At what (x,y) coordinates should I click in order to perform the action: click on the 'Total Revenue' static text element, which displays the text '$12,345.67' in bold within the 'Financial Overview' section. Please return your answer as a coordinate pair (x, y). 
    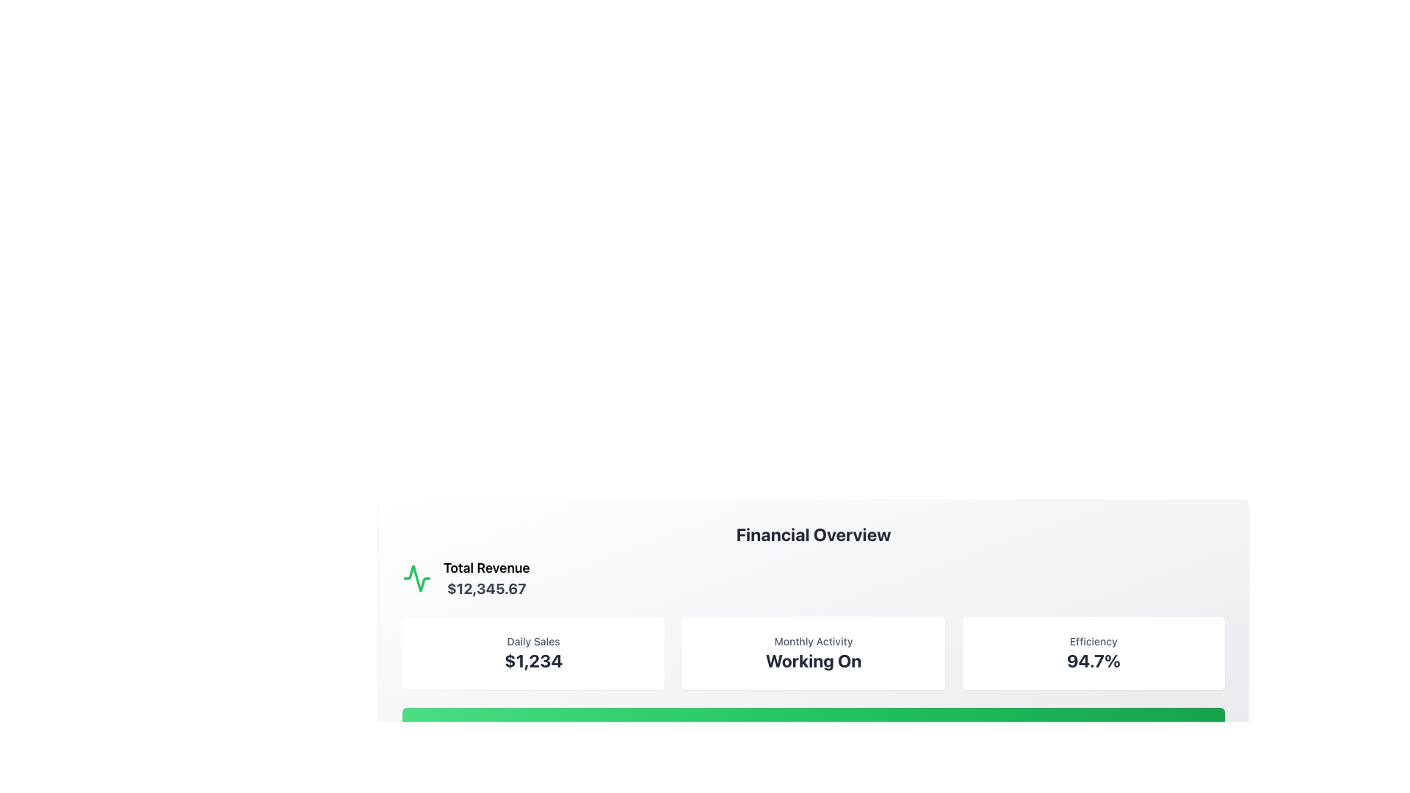
    Looking at the image, I should click on (486, 577).